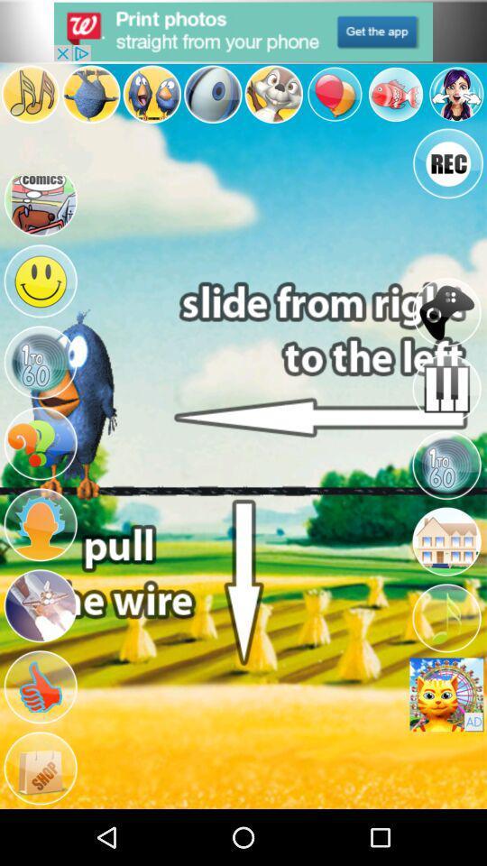  Describe the element at coordinates (446, 660) in the screenshot. I see `the music icon` at that location.